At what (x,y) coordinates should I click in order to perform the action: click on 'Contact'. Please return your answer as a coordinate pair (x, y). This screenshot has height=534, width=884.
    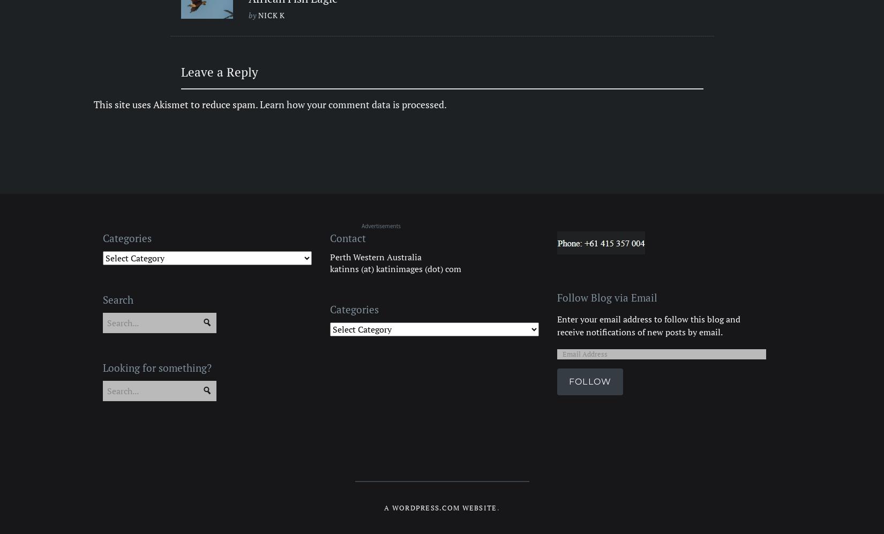
    Looking at the image, I should click on (347, 237).